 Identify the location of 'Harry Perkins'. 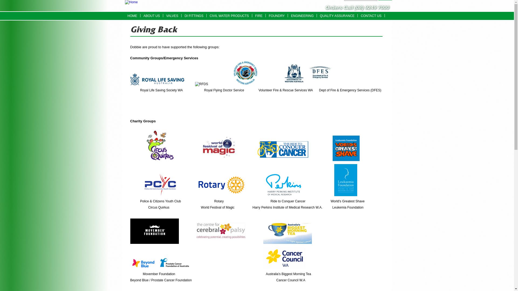
(283, 184).